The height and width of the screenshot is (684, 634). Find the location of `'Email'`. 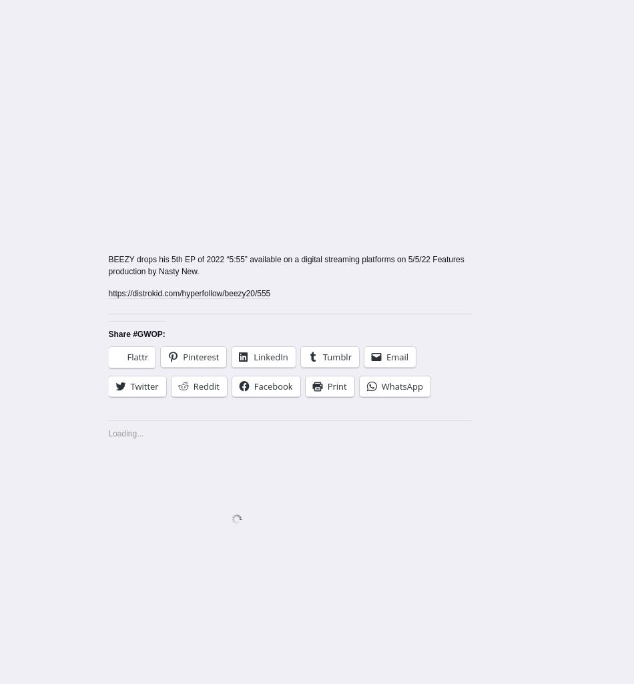

'Email' is located at coordinates (396, 356).